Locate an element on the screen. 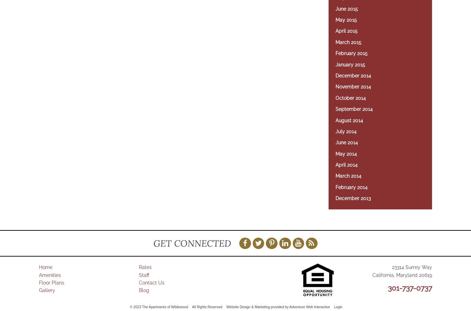 The width and height of the screenshot is (471, 311). '301-737-0737' is located at coordinates (388, 288).